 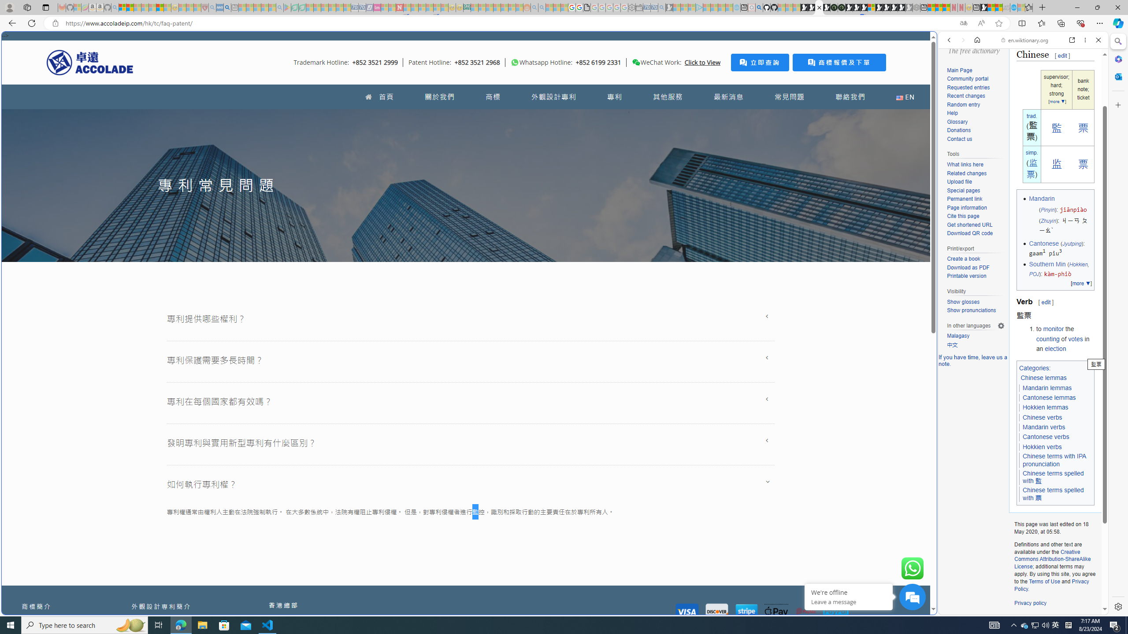 I want to click on 'Creative Commons Attribution-ShareAlike License', so click(x=1052, y=559).